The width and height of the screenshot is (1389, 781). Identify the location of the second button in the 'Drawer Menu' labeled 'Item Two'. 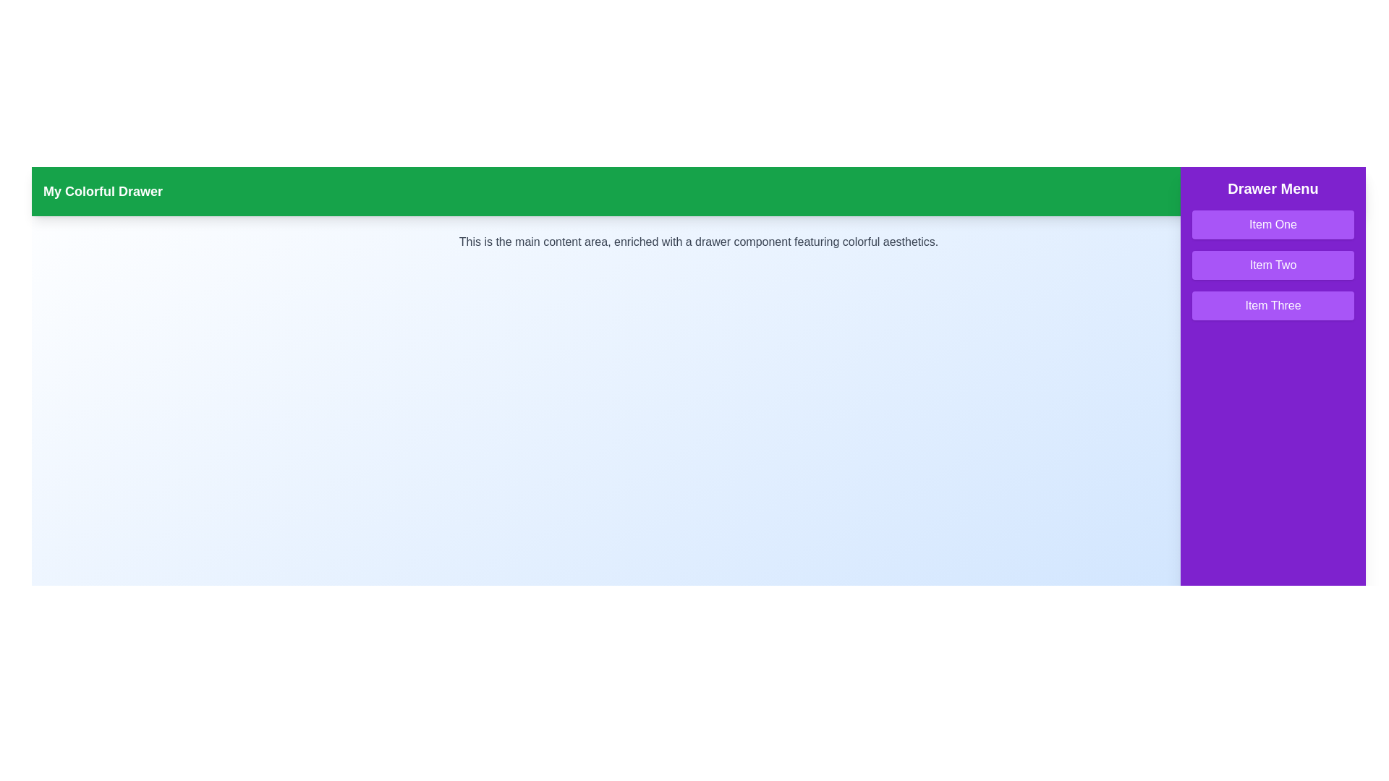
(1273, 265).